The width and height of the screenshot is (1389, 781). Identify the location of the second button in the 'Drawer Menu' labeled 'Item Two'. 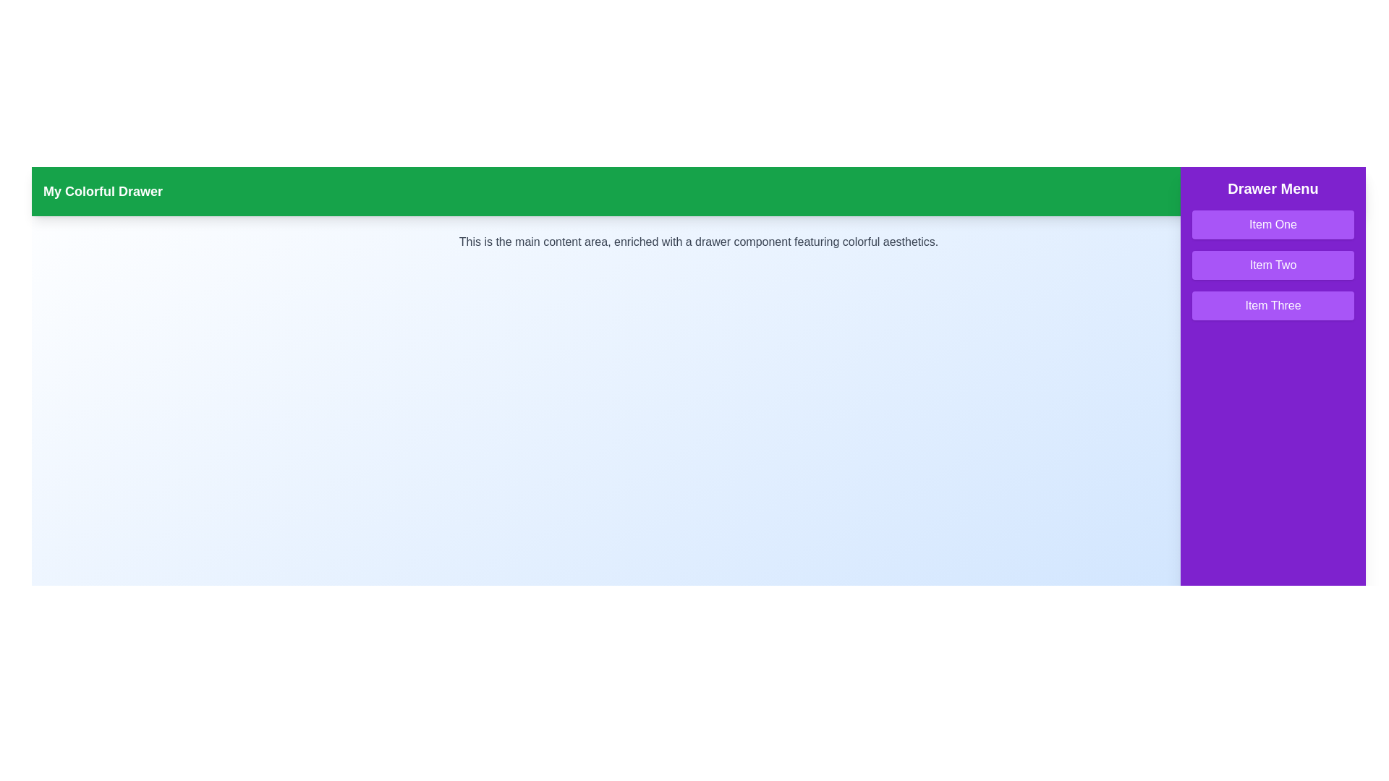
(1273, 265).